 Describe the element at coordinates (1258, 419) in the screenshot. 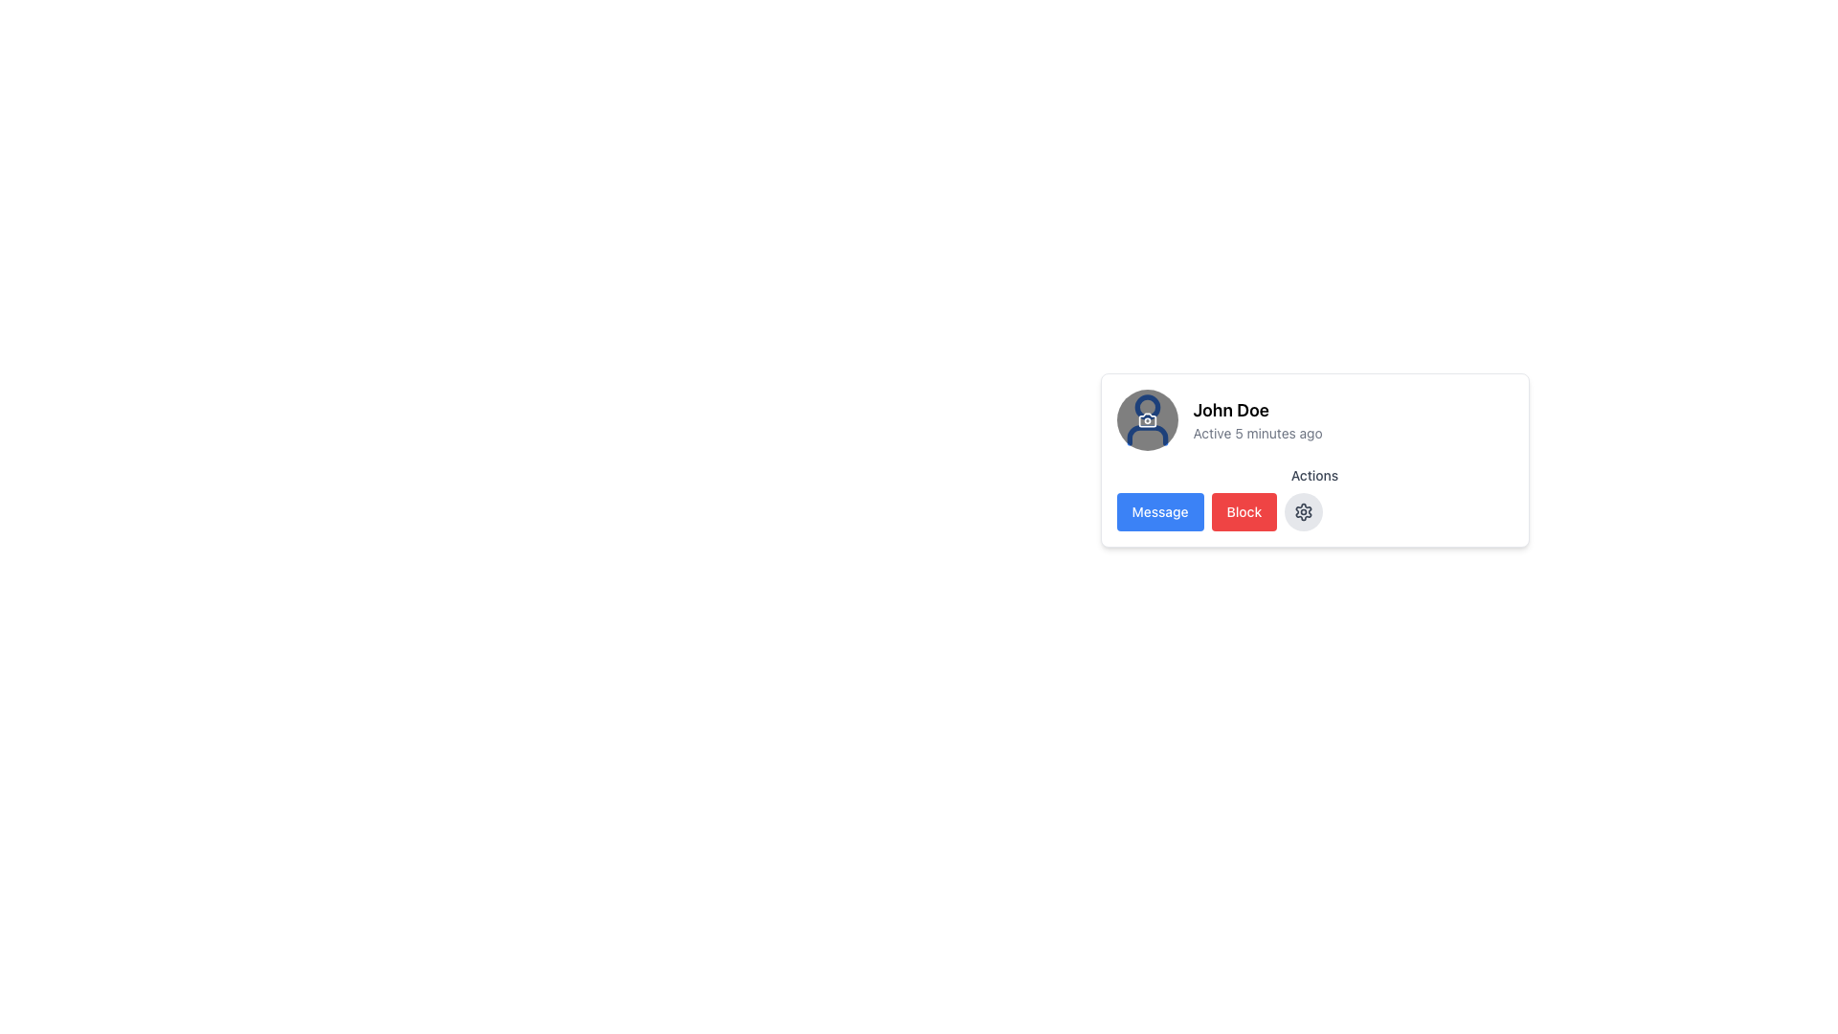

I see `the name text 'John Doe' in the text block element, which is located to the right of the circular avatar image and is part of a card layout` at that location.